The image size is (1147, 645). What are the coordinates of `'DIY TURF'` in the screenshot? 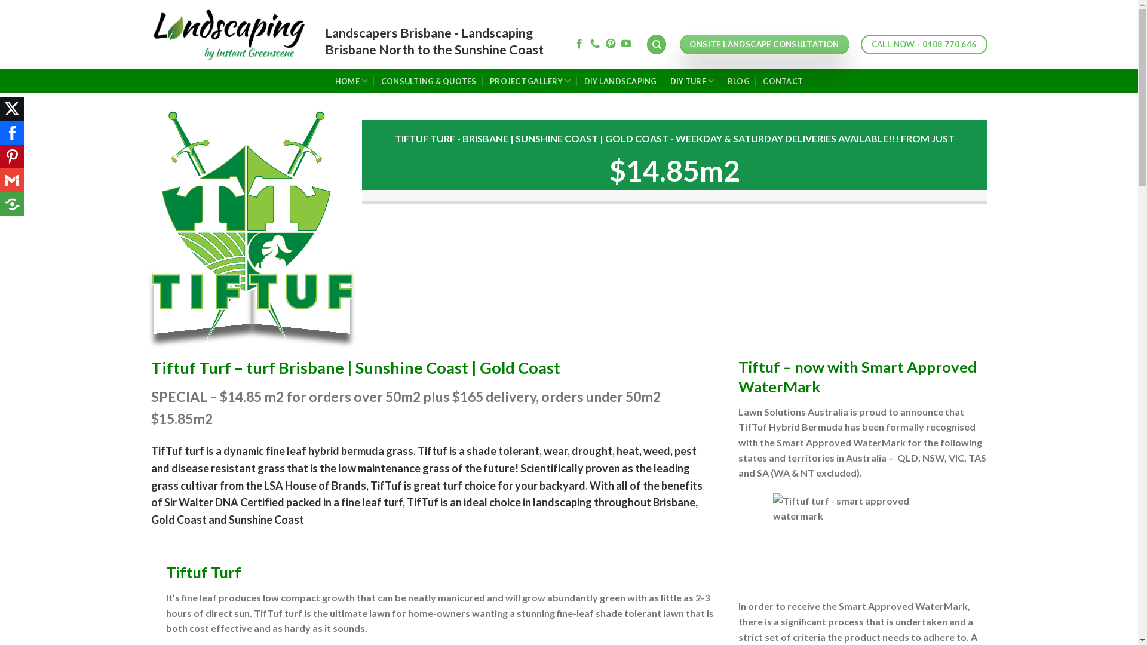 It's located at (692, 81).